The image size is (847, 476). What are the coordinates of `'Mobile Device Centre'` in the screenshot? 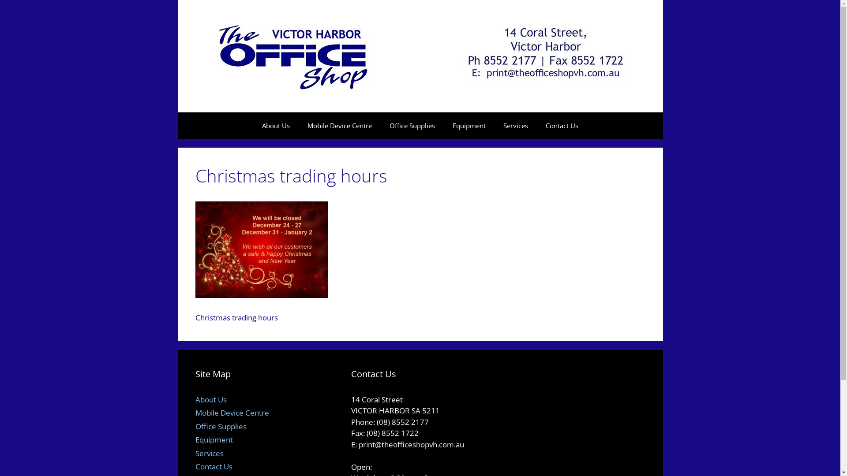 It's located at (232, 413).